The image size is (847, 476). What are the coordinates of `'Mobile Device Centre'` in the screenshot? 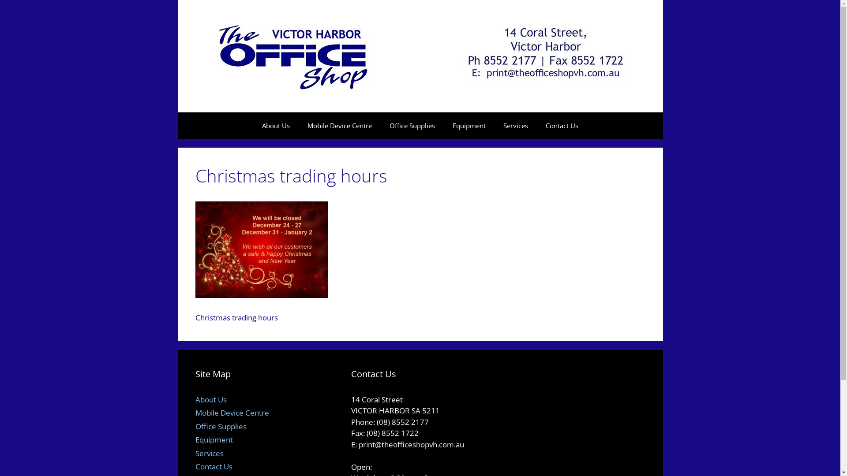 It's located at (232, 413).